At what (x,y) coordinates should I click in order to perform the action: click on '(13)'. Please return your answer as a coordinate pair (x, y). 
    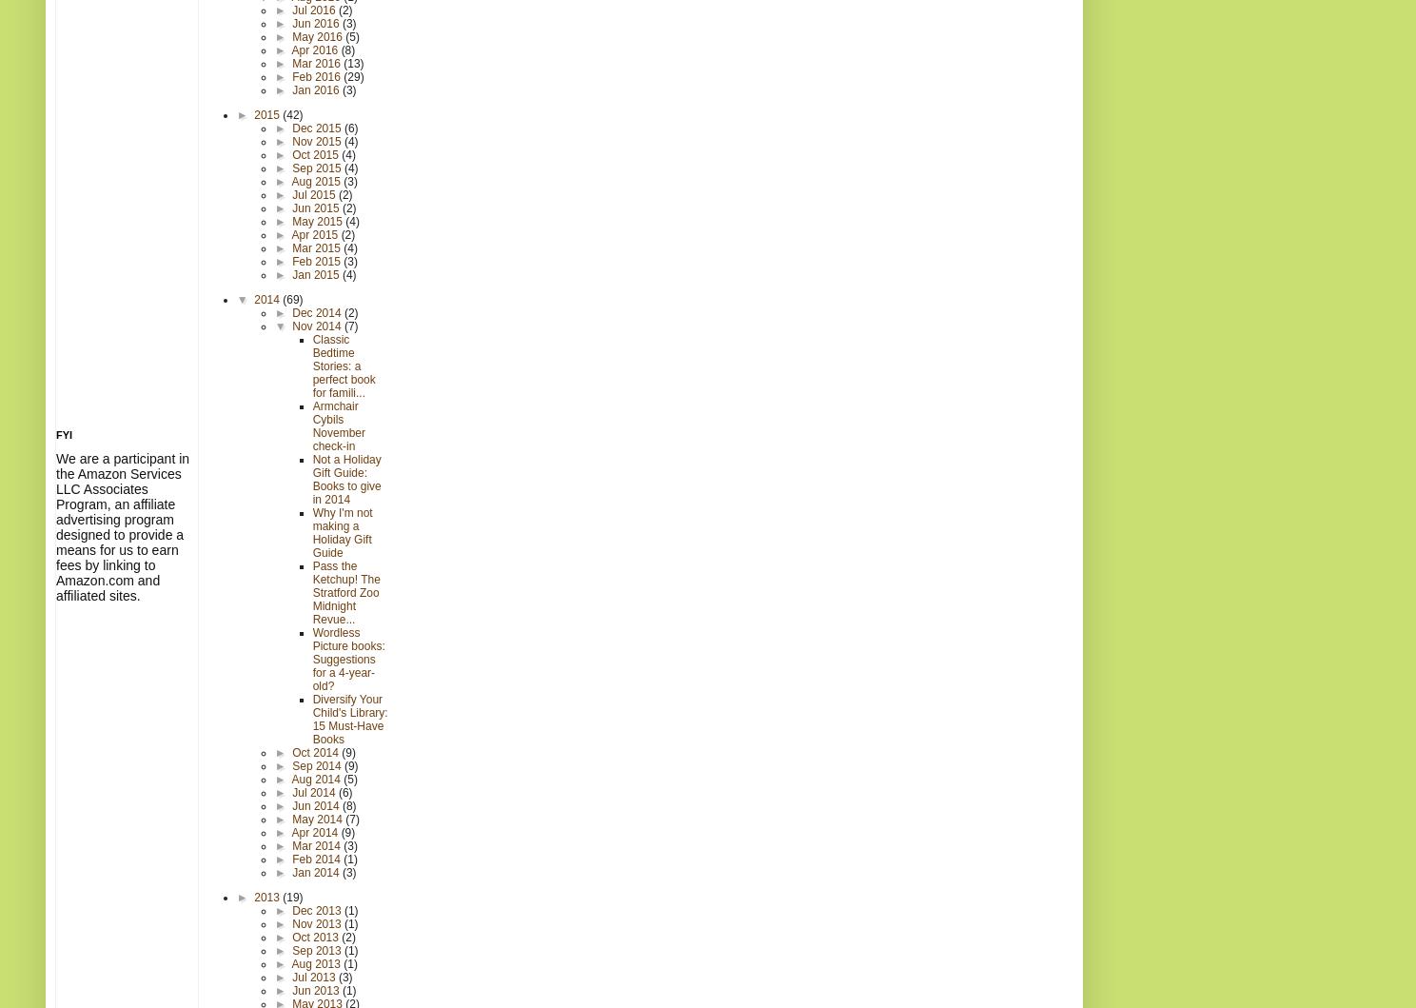
    Looking at the image, I should click on (343, 62).